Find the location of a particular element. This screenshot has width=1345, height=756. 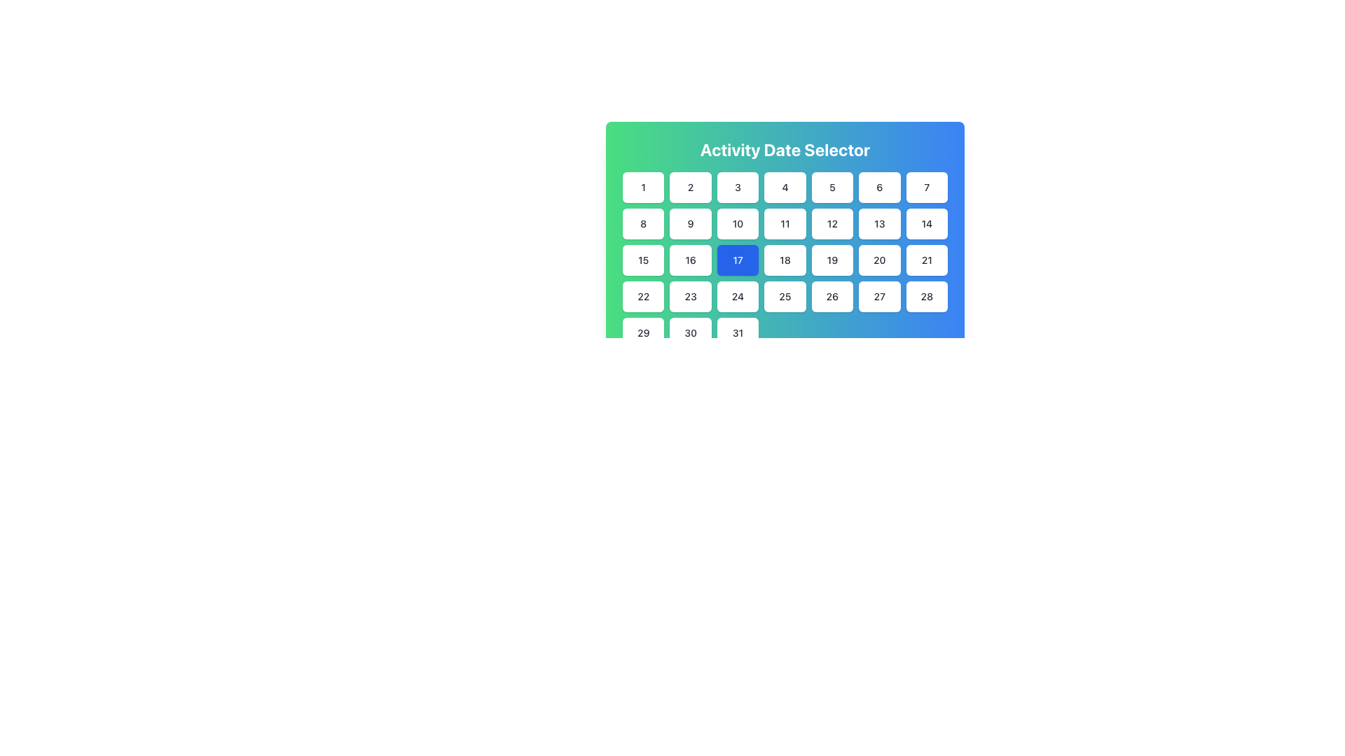

the rounded rectangular button with a white background and the numeral '24' in dark-gray font is located at coordinates (737, 296).